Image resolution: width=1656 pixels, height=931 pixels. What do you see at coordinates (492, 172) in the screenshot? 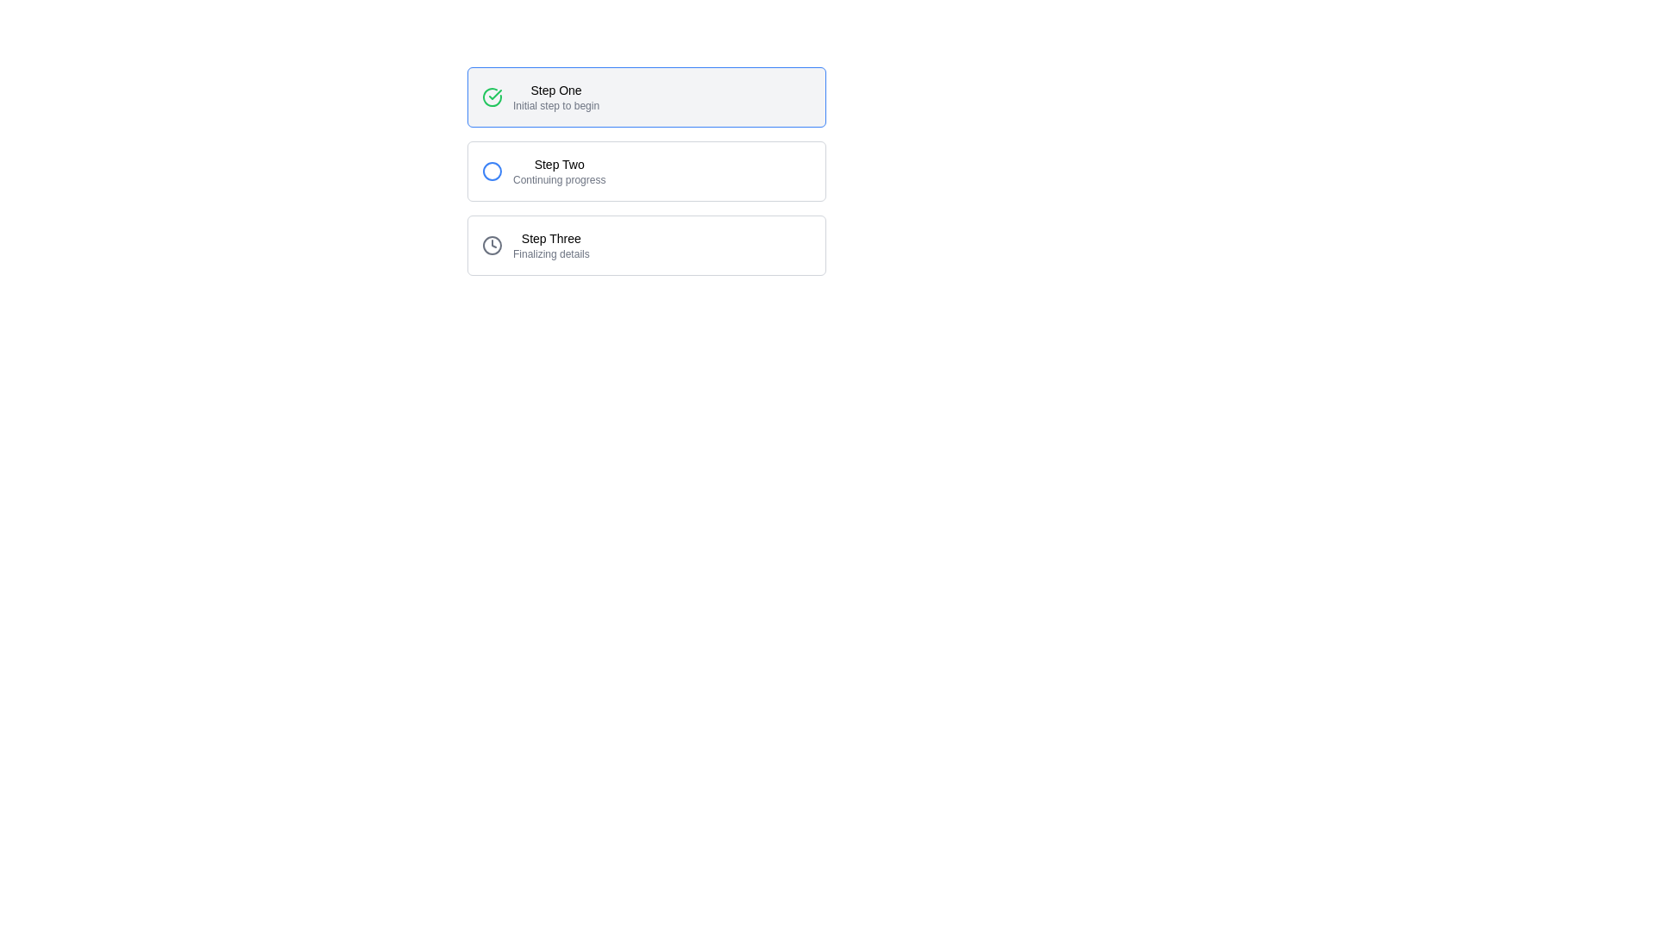
I see `the blue circular outline icon located to the left of the 'Step Two' text representing a step in a sequential process` at bounding box center [492, 172].